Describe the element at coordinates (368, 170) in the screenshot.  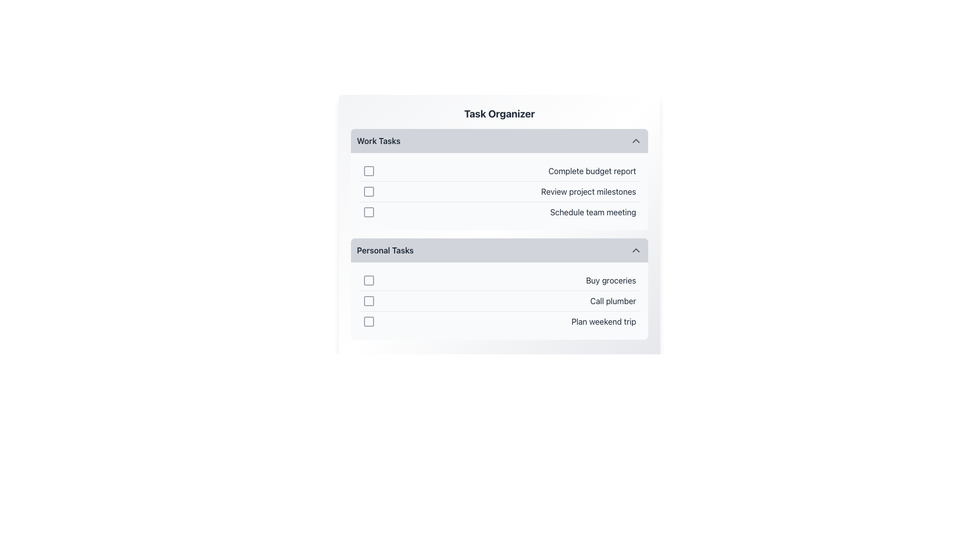
I see `the hollow square checkbox located to the left of the text 'Complete budget report' under the 'Work Tasks' category to check the box` at that location.